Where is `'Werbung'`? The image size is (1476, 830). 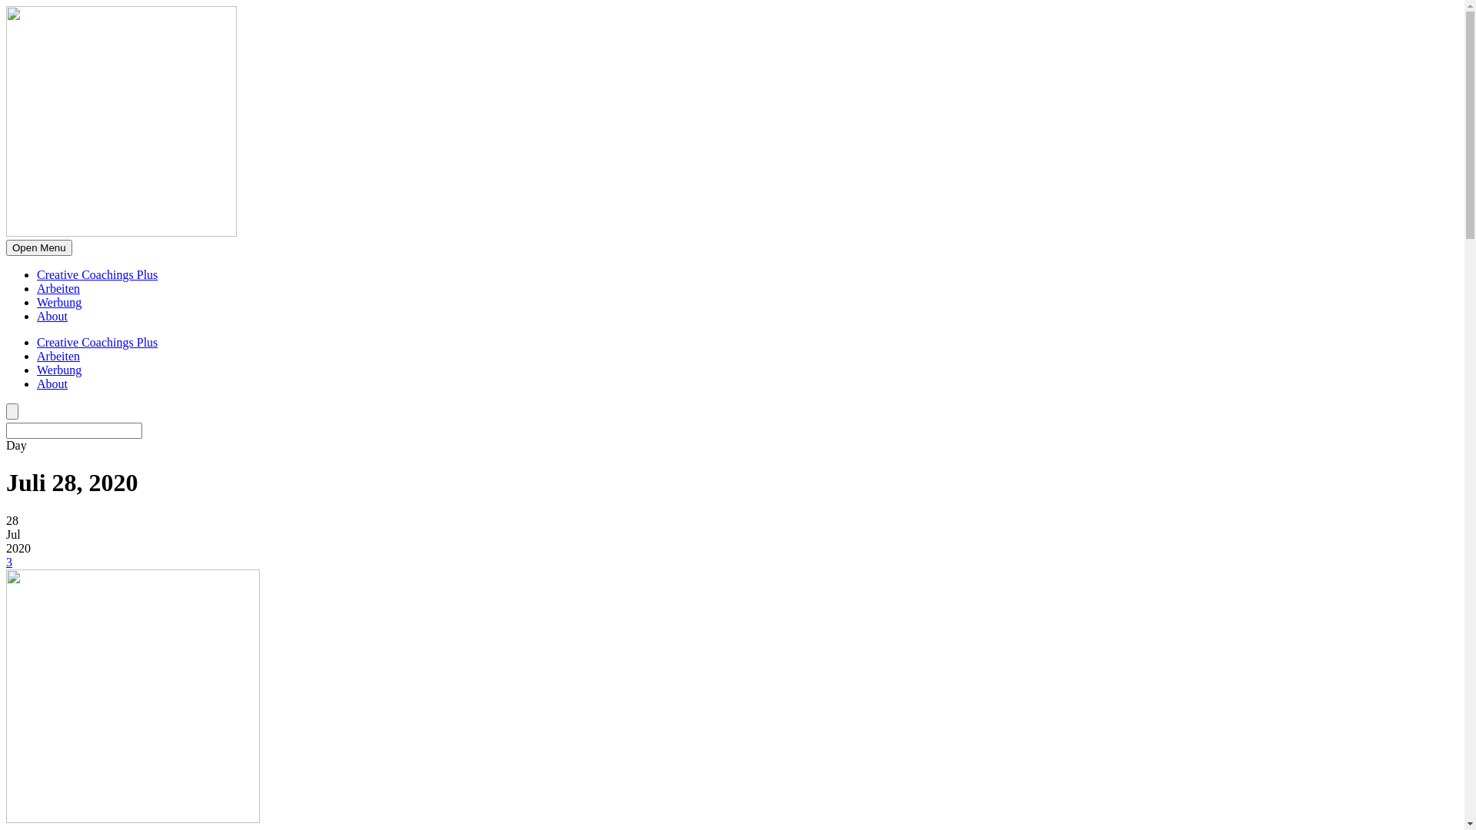
'Werbung' is located at coordinates (58, 302).